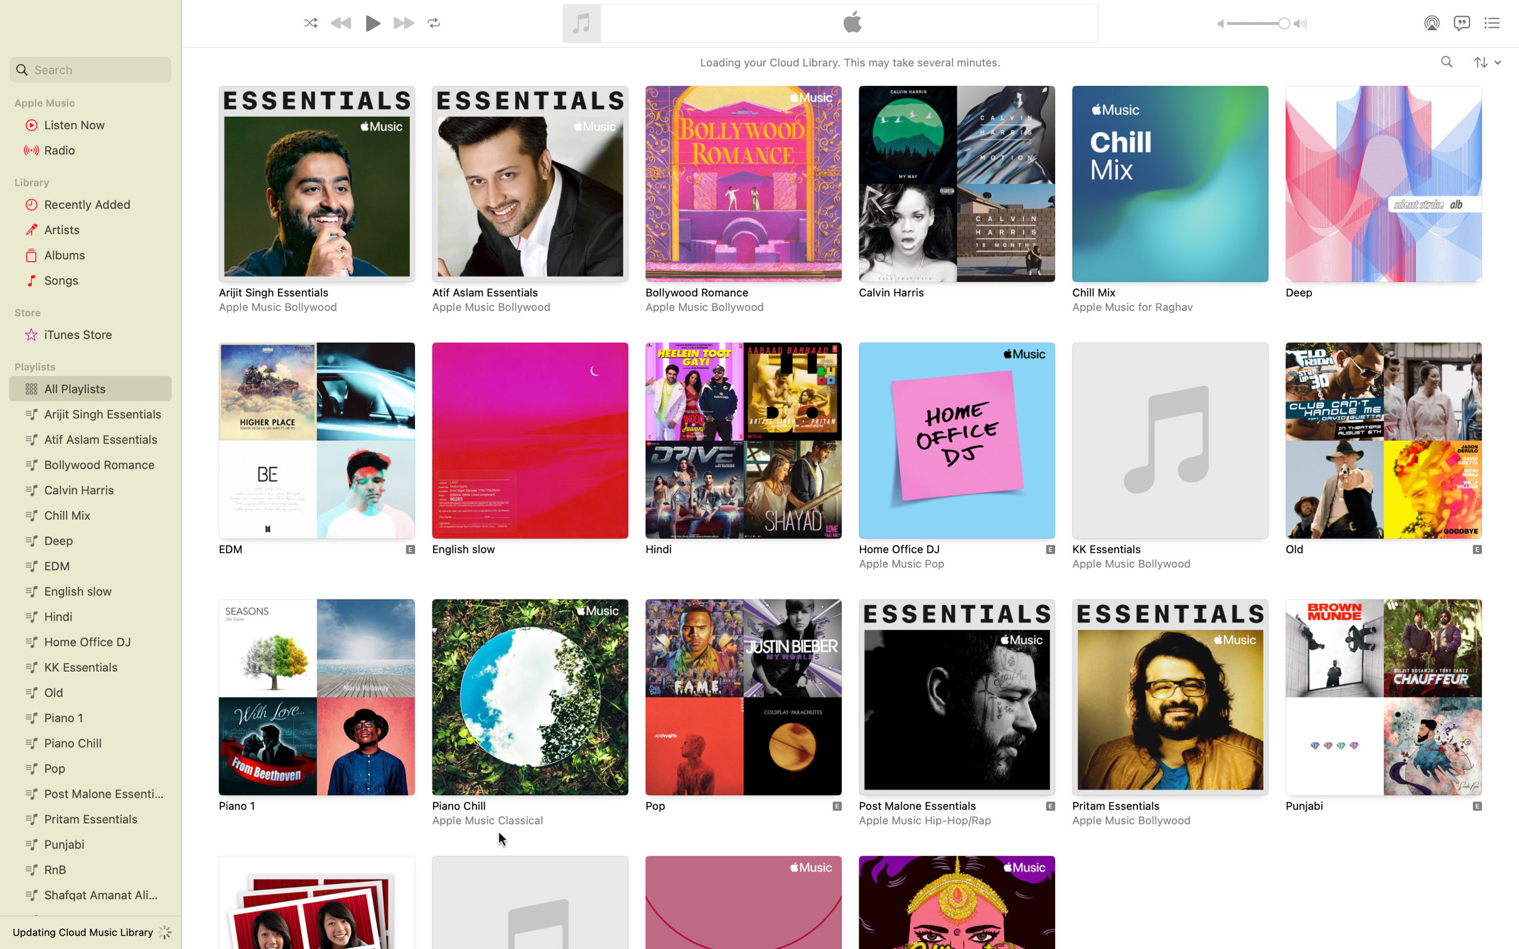 This screenshot has height=949, width=1519. I want to click on Scroll down to find the playlist "Stuck on You", so click(2862555, 1047696).